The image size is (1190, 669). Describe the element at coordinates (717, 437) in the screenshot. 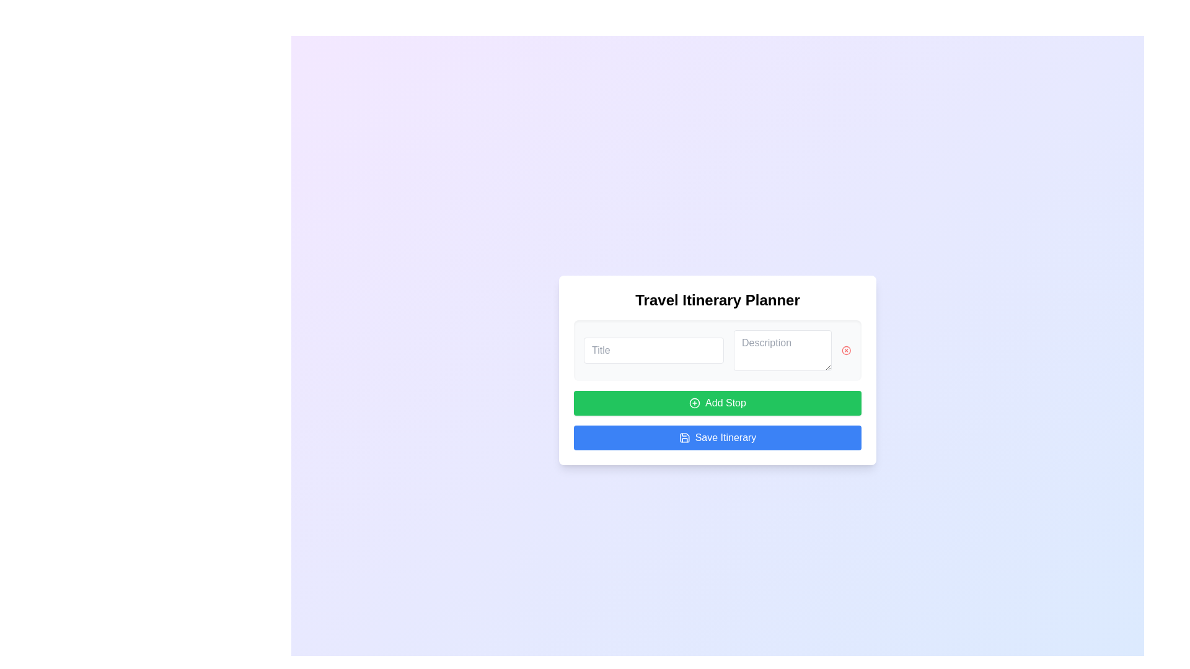

I see `the confirm button located below the 'Add Stop' button` at that location.